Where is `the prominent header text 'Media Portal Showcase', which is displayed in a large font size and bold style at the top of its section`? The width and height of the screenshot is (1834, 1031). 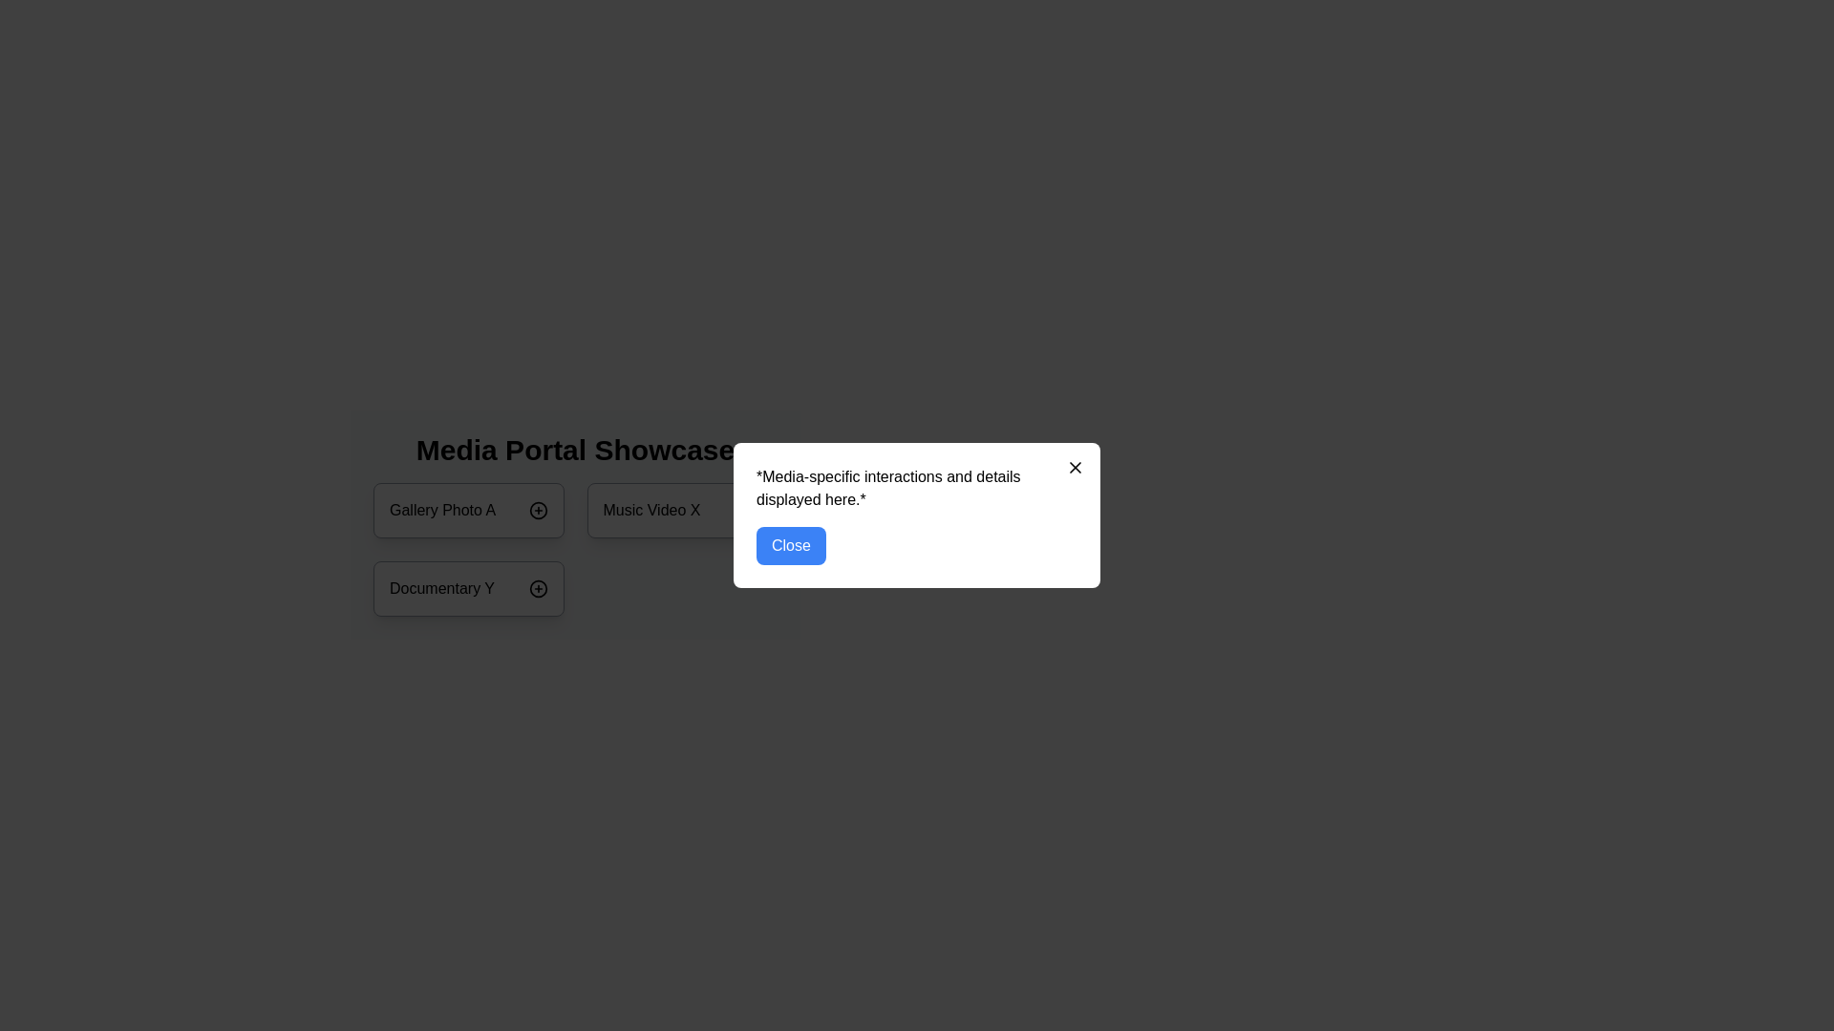 the prominent header text 'Media Portal Showcase', which is displayed in a large font size and bold style at the top of its section is located at coordinates (574, 450).